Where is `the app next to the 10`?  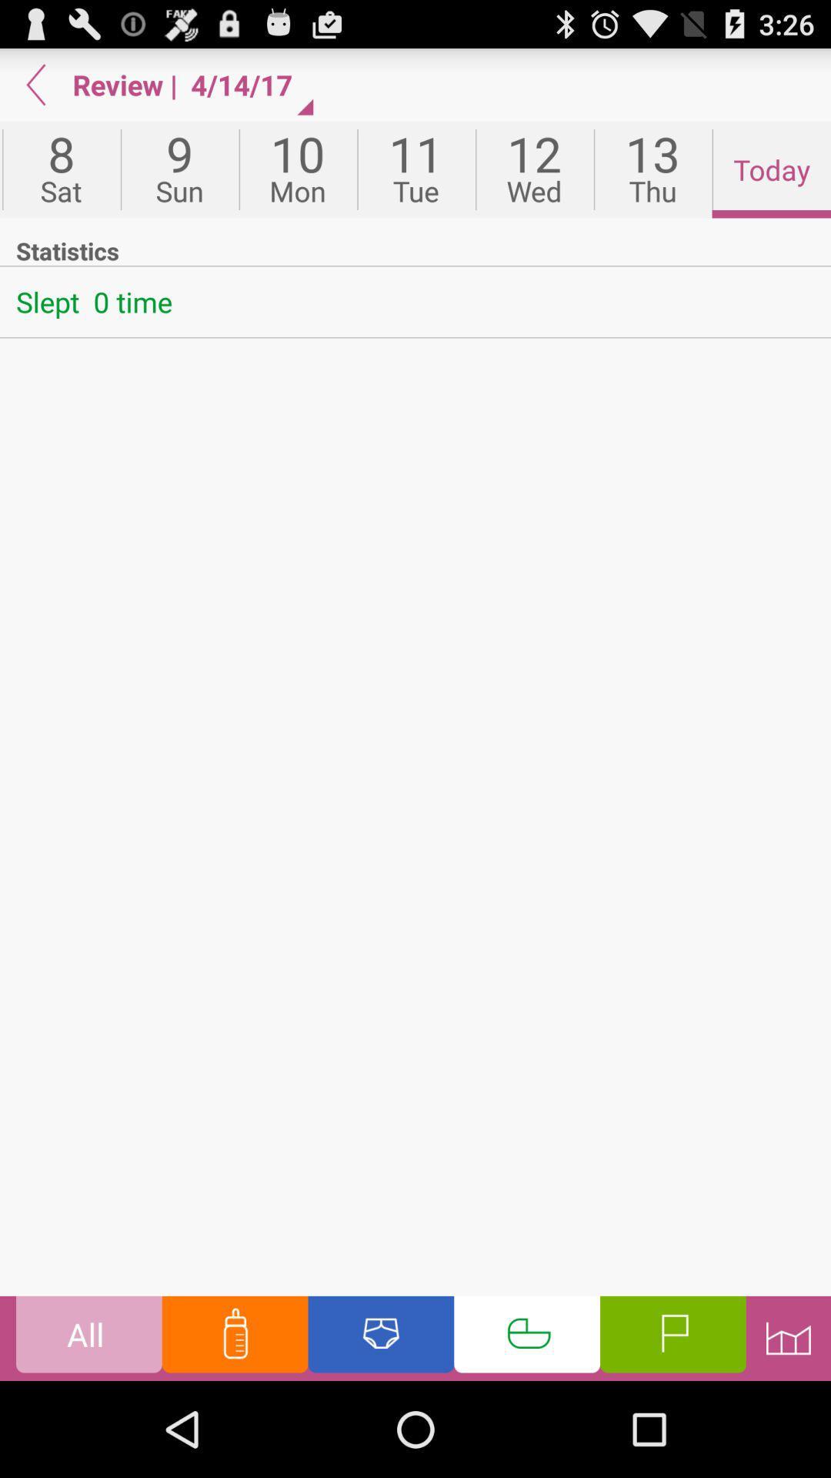 the app next to the 10 is located at coordinates (179, 169).